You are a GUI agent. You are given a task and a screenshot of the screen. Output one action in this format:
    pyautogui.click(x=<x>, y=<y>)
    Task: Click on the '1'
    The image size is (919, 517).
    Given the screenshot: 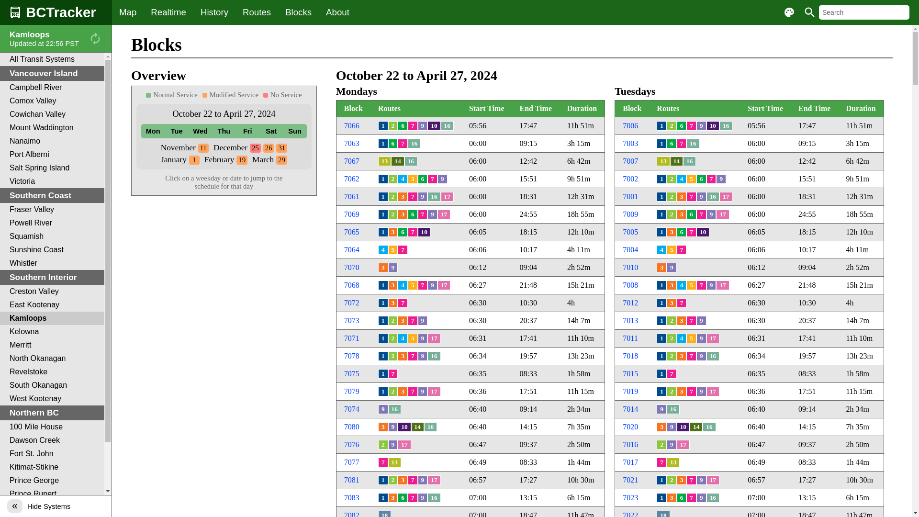 What is the action you would take?
    pyautogui.click(x=661, y=497)
    